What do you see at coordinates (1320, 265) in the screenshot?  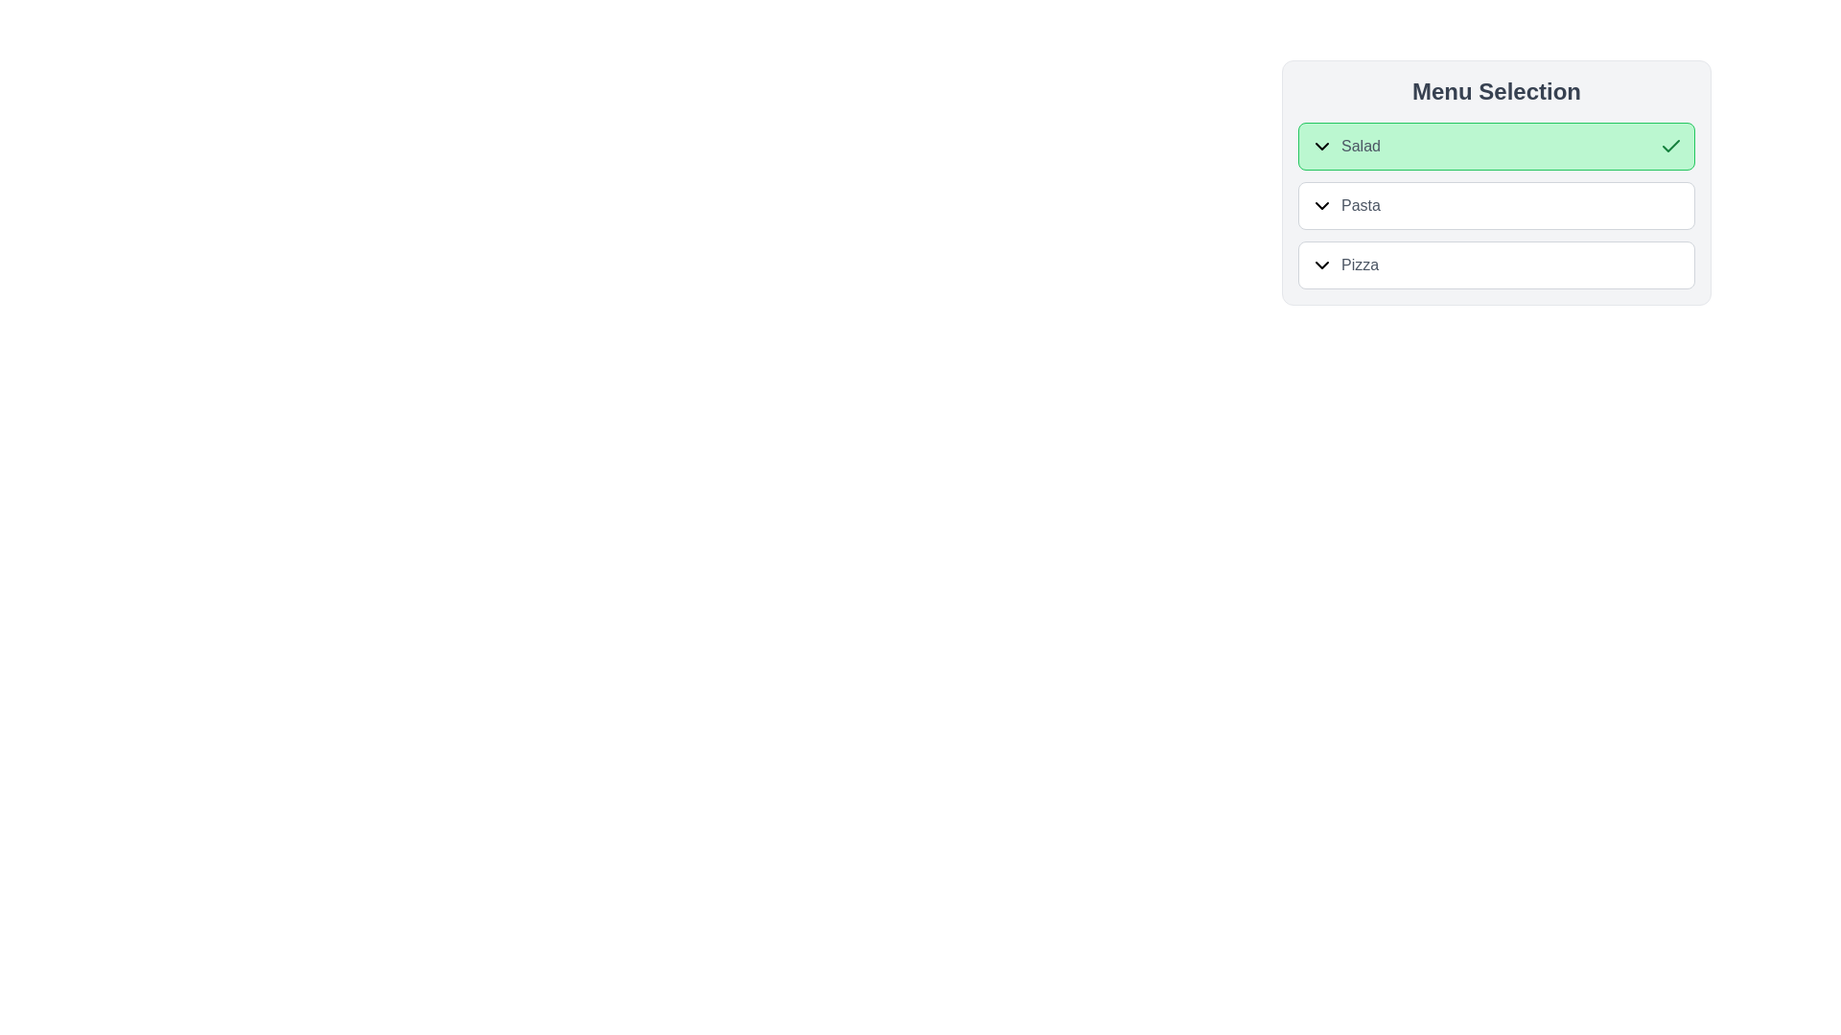 I see `the downward-pointing chevron icon located to the left of the 'Pizza' text in the 'Menu Selection' dropdown` at bounding box center [1320, 265].